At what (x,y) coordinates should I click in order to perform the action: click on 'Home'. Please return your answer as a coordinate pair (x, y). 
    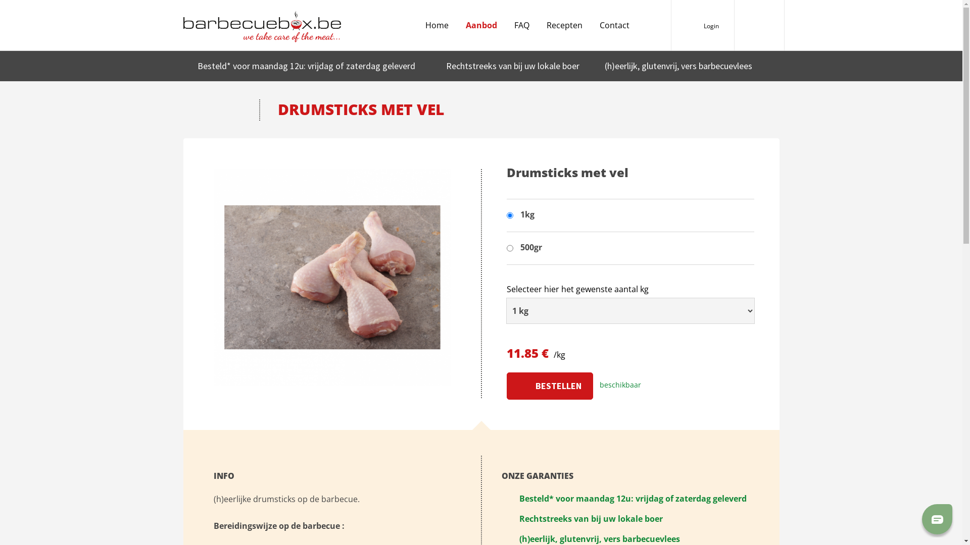
    Looking at the image, I should click on (437, 25).